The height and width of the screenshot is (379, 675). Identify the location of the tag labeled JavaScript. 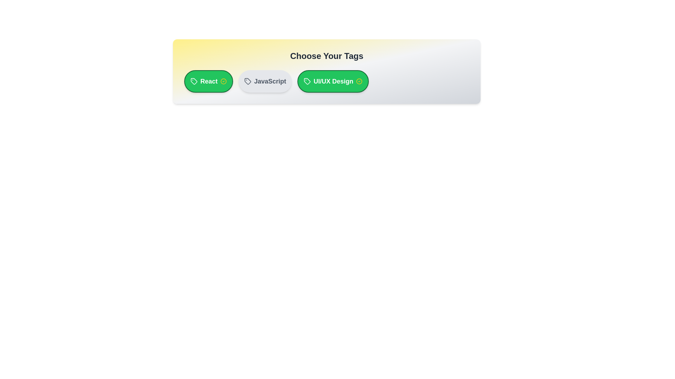
(265, 81).